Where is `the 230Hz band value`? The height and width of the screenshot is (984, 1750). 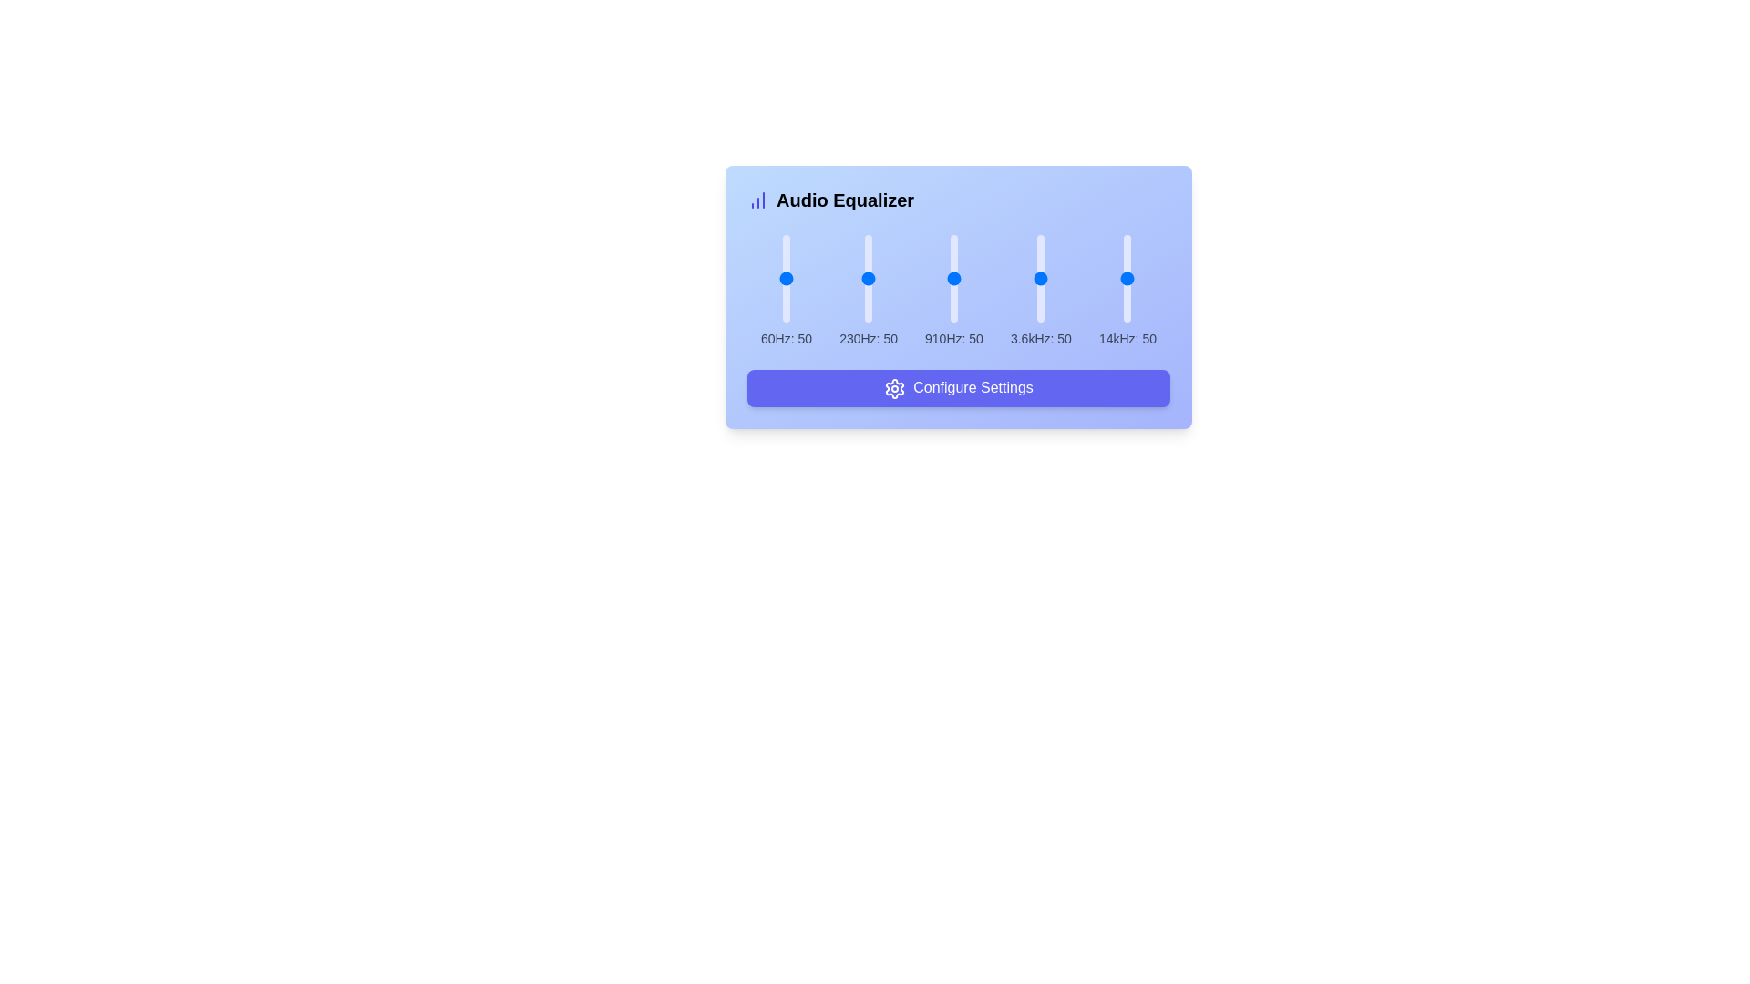
the 230Hz band value is located at coordinates (868, 288).